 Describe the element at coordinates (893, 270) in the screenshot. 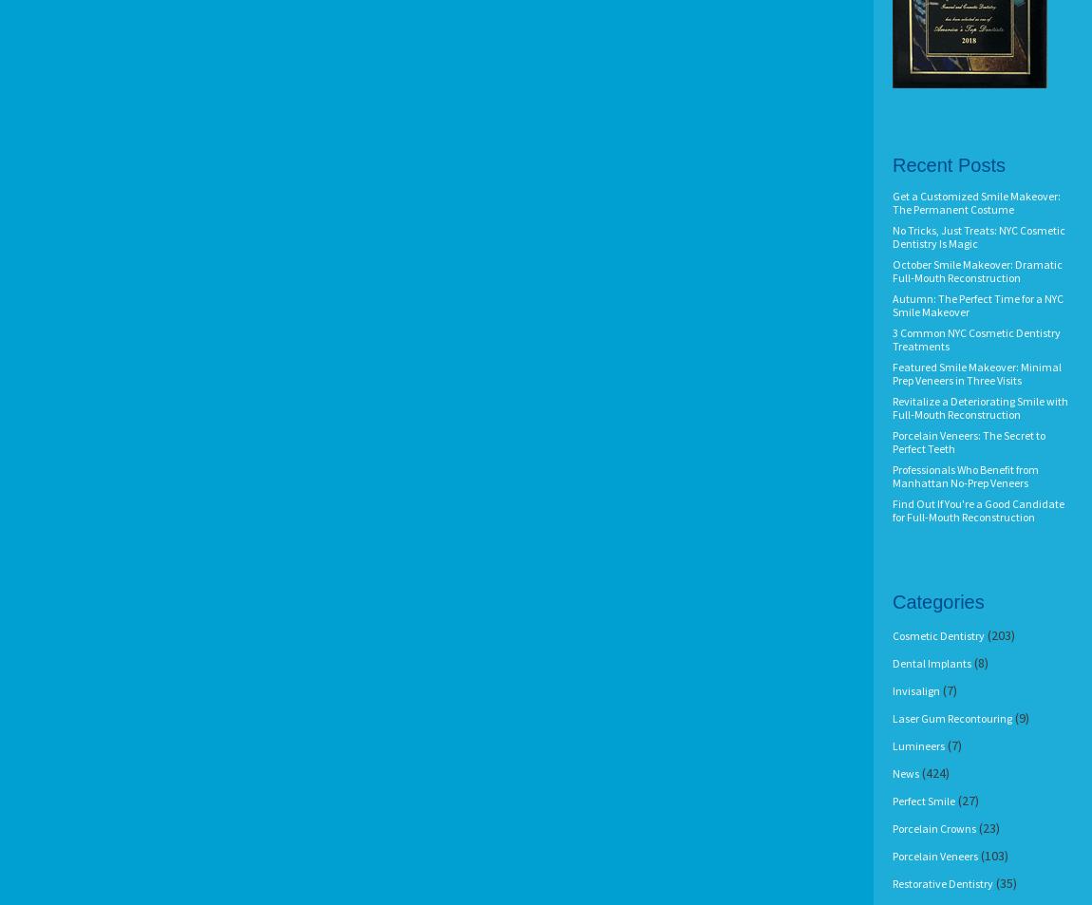

I see `'October Smile Makeover: Dramatic Full-Mouth Reconstruction'` at that location.